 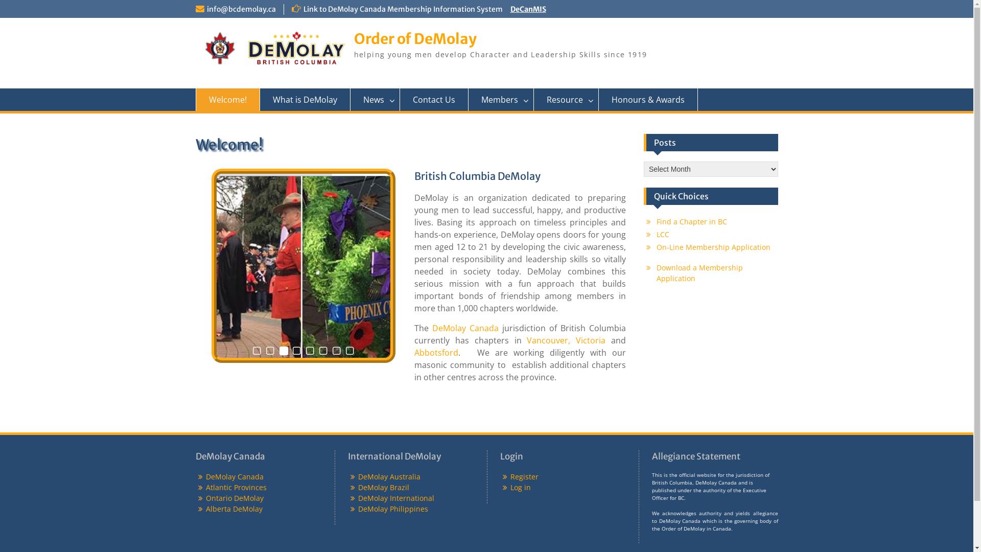 What do you see at coordinates (353, 38) in the screenshot?
I see `'Order of DeMolay'` at bounding box center [353, 38].